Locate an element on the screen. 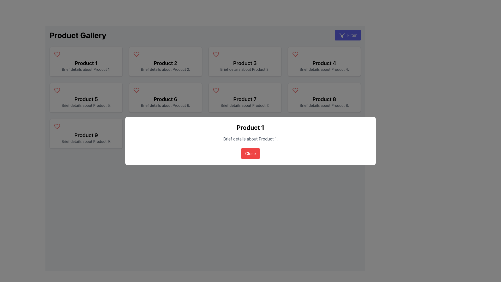 The width and height of the screenshot is (501, 282). the second card component in the grid layout, which contains the title 'Product 2' and a heart icon is located at coordinates (165, 61).